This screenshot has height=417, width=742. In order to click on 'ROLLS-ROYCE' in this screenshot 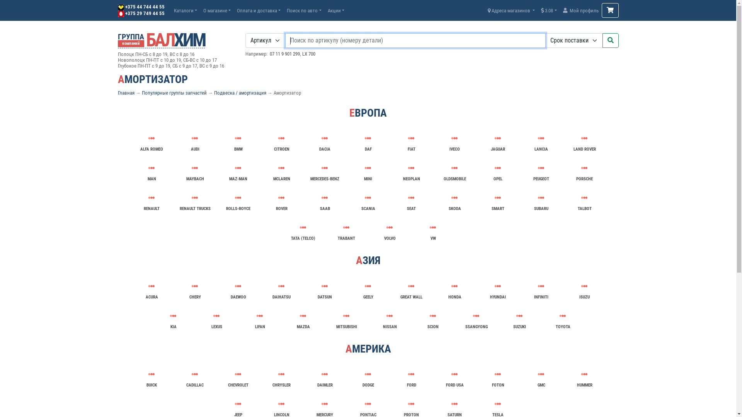, I will do `click(238, 200)`.